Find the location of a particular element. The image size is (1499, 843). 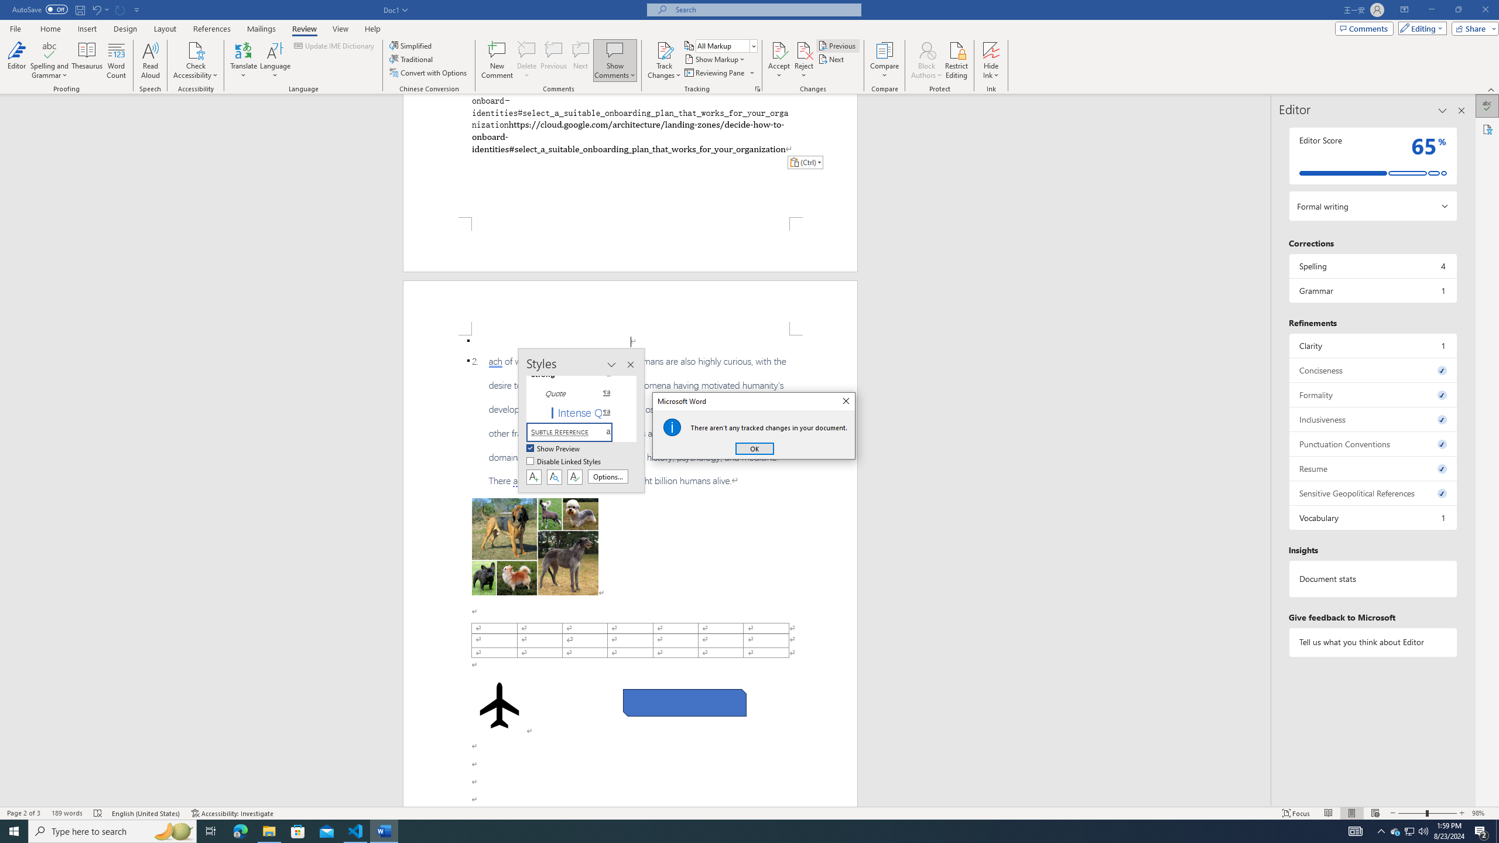

'Document statistics' is located at coordinates (1372, 578).